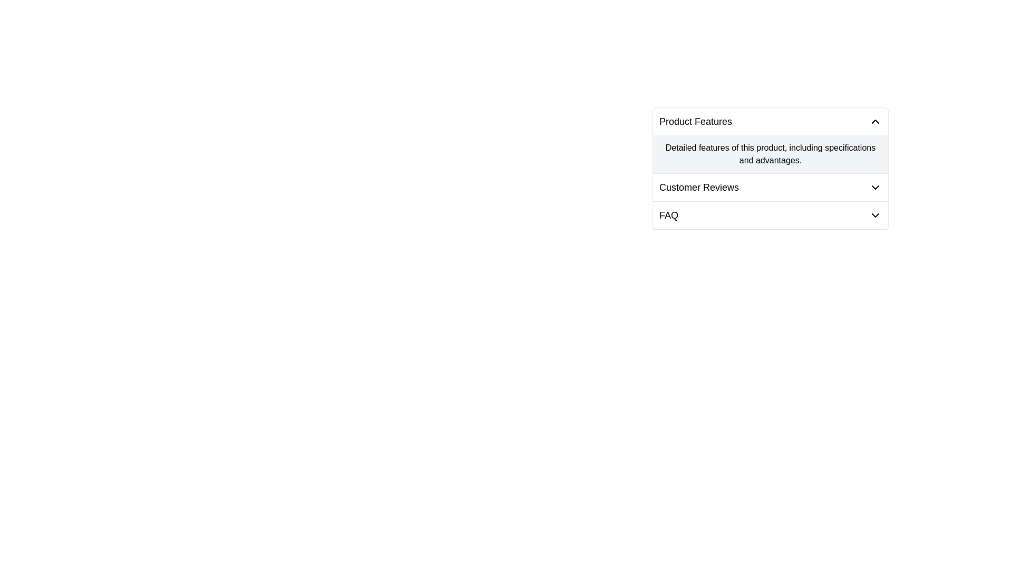 The image size is (1012, 569). What do you see at coordinates (875, 187) in the screenshot?
I see `the chevron dropdown indicator` at bounding box center [875, 187].